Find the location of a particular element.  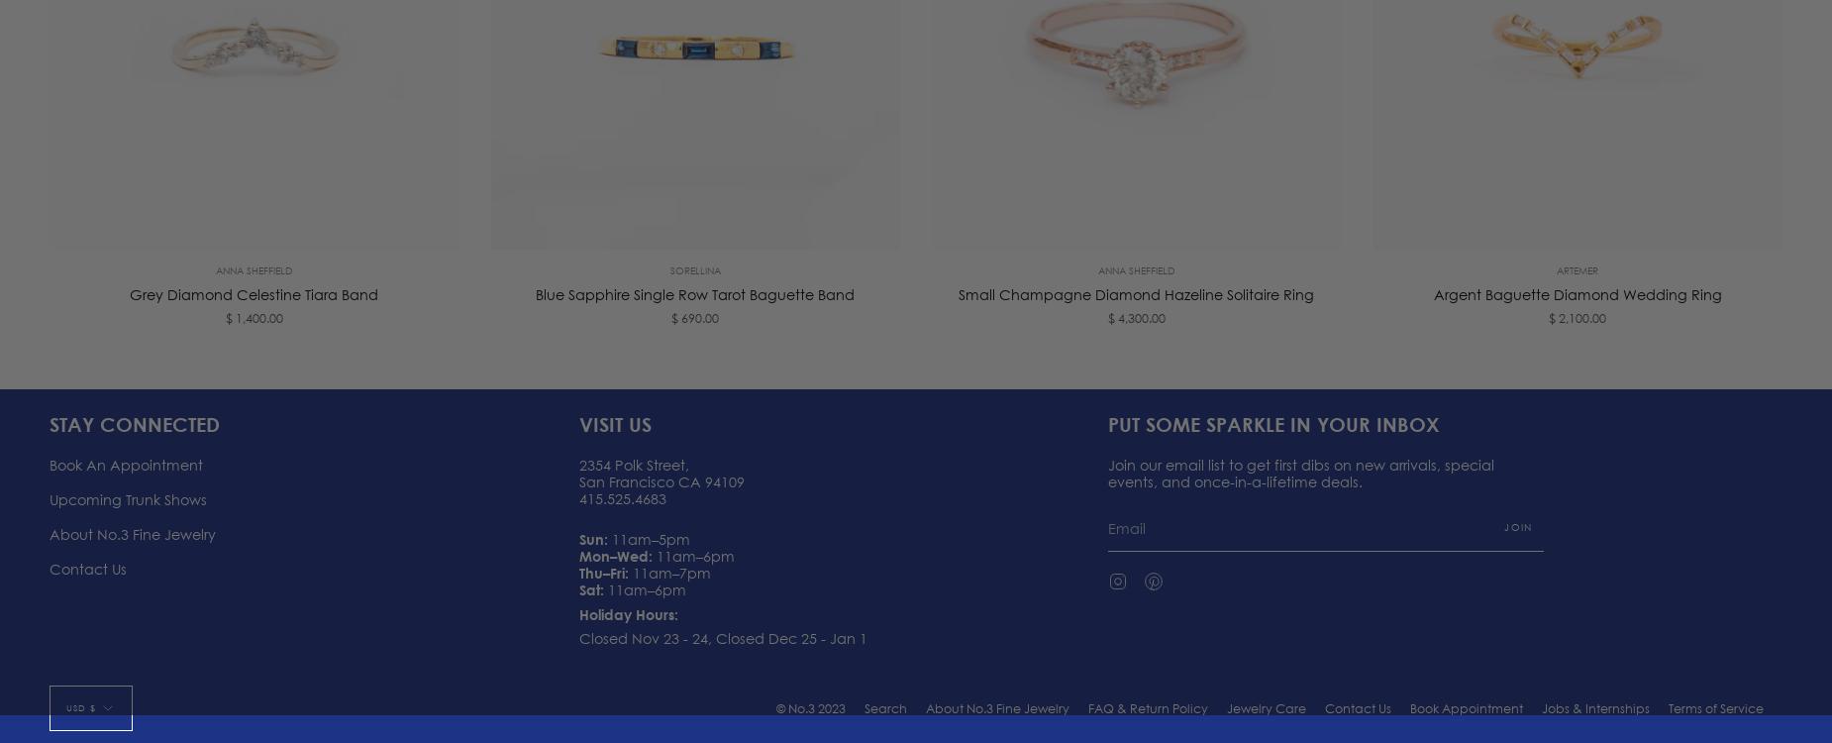

'BWP P' is located at coordinates (79, 649).